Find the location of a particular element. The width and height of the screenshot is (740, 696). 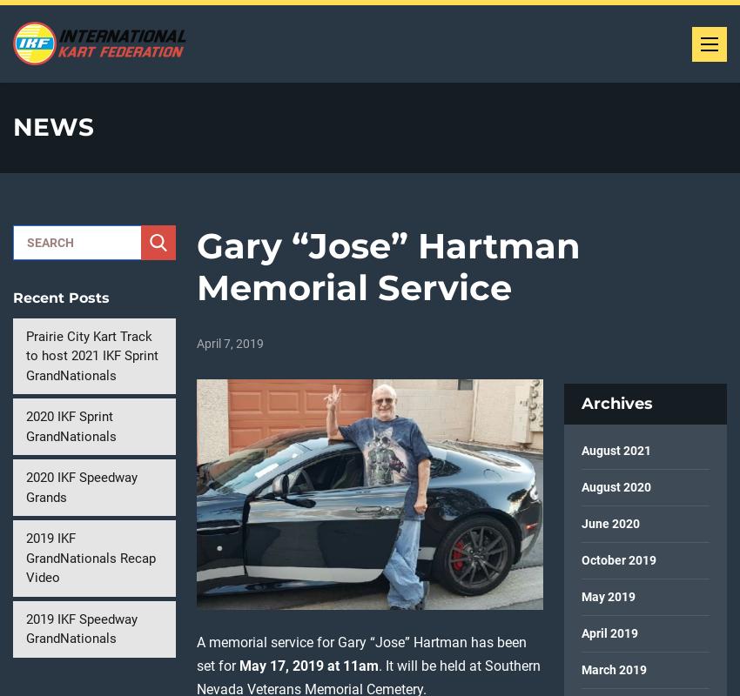

'April 2019' is located at coordinates (608, 631).